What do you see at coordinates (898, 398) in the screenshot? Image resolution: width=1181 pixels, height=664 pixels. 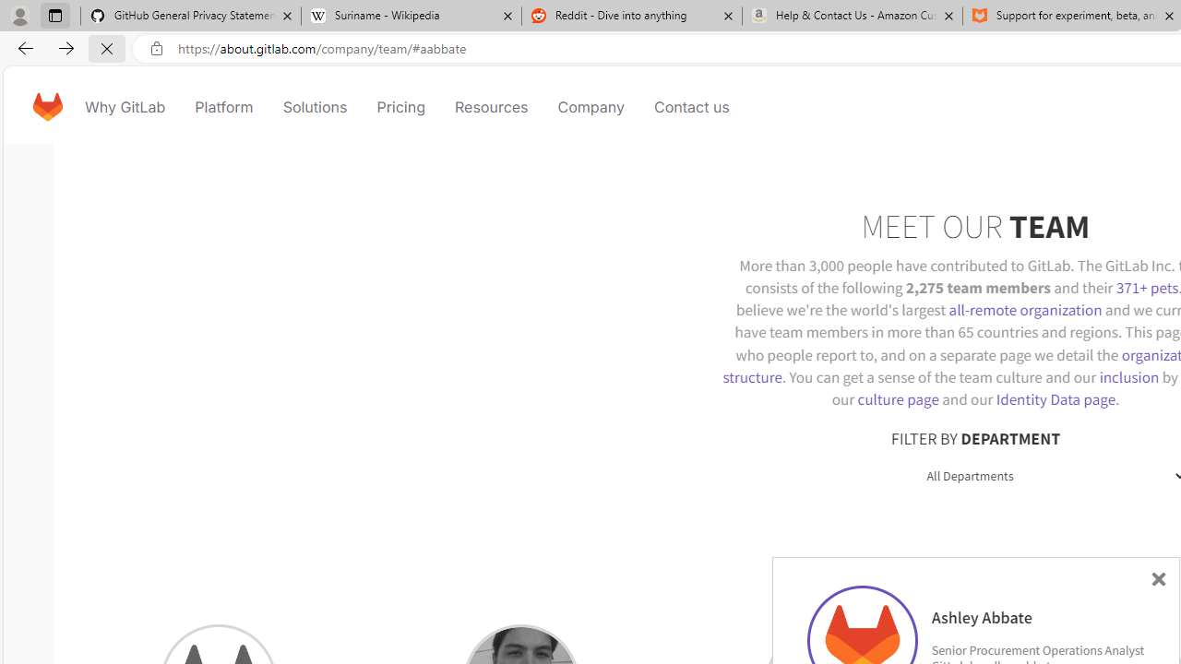 I see `'culture page'` at bounding box center [898, 398].